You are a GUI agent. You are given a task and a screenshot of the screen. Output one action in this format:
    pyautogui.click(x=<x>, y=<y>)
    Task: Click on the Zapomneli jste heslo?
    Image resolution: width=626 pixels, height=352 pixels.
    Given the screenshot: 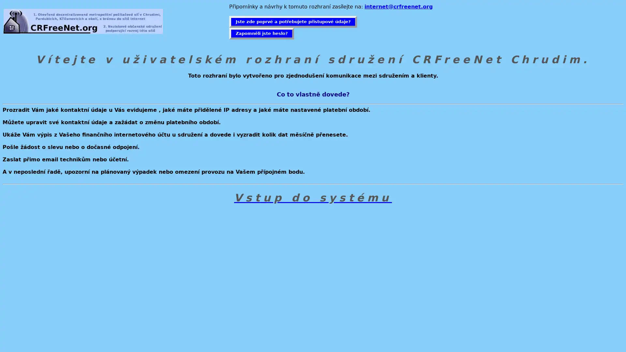 What is the action you would take?
    pyautogui.click(x=261, y=33)
    